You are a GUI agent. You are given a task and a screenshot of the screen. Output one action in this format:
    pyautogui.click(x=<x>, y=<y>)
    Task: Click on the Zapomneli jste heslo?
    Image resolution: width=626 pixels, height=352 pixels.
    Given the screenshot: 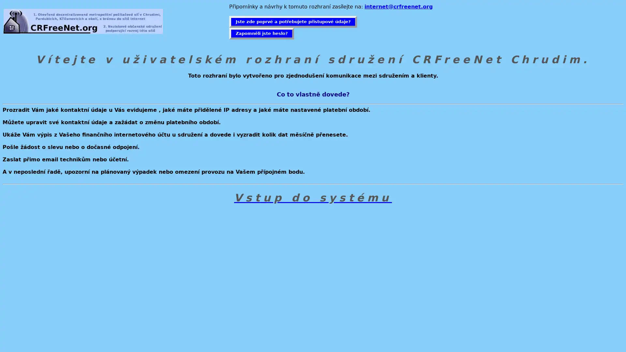 What is the action you would take?
    pyautogui.click(x=261, y=33)
    